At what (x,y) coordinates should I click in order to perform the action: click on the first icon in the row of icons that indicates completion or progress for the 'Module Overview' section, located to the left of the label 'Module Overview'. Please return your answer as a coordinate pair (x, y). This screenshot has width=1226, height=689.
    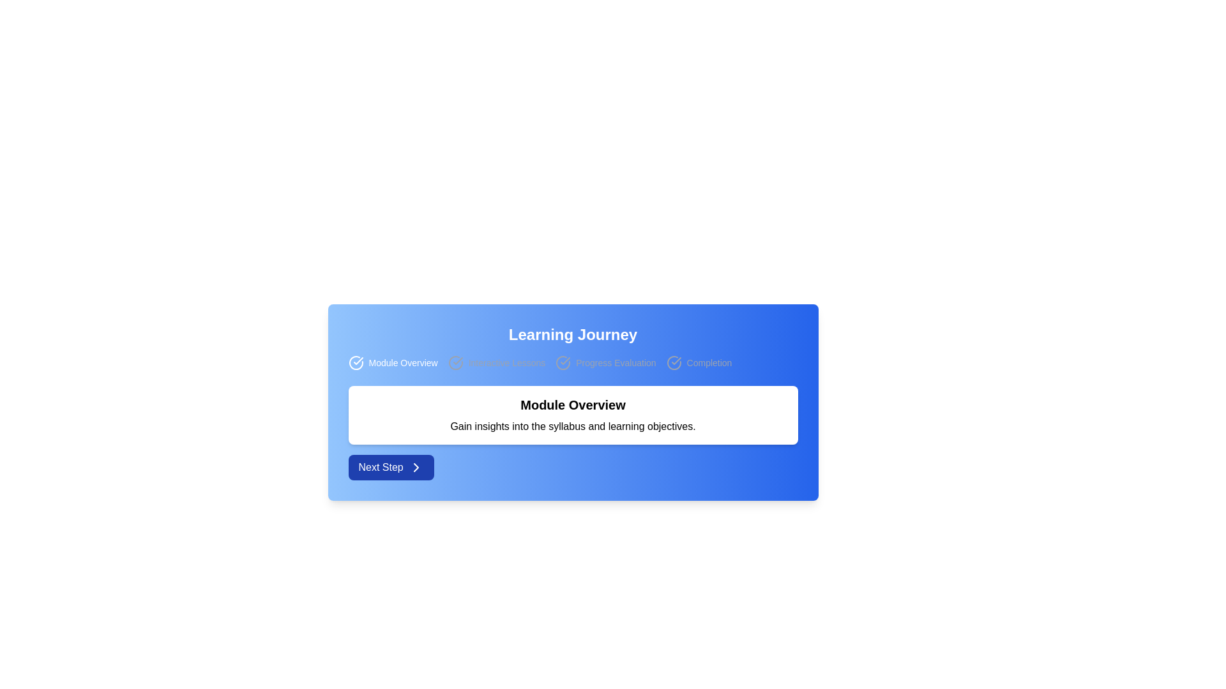
    Looking at the image, I should click on (356, 363).